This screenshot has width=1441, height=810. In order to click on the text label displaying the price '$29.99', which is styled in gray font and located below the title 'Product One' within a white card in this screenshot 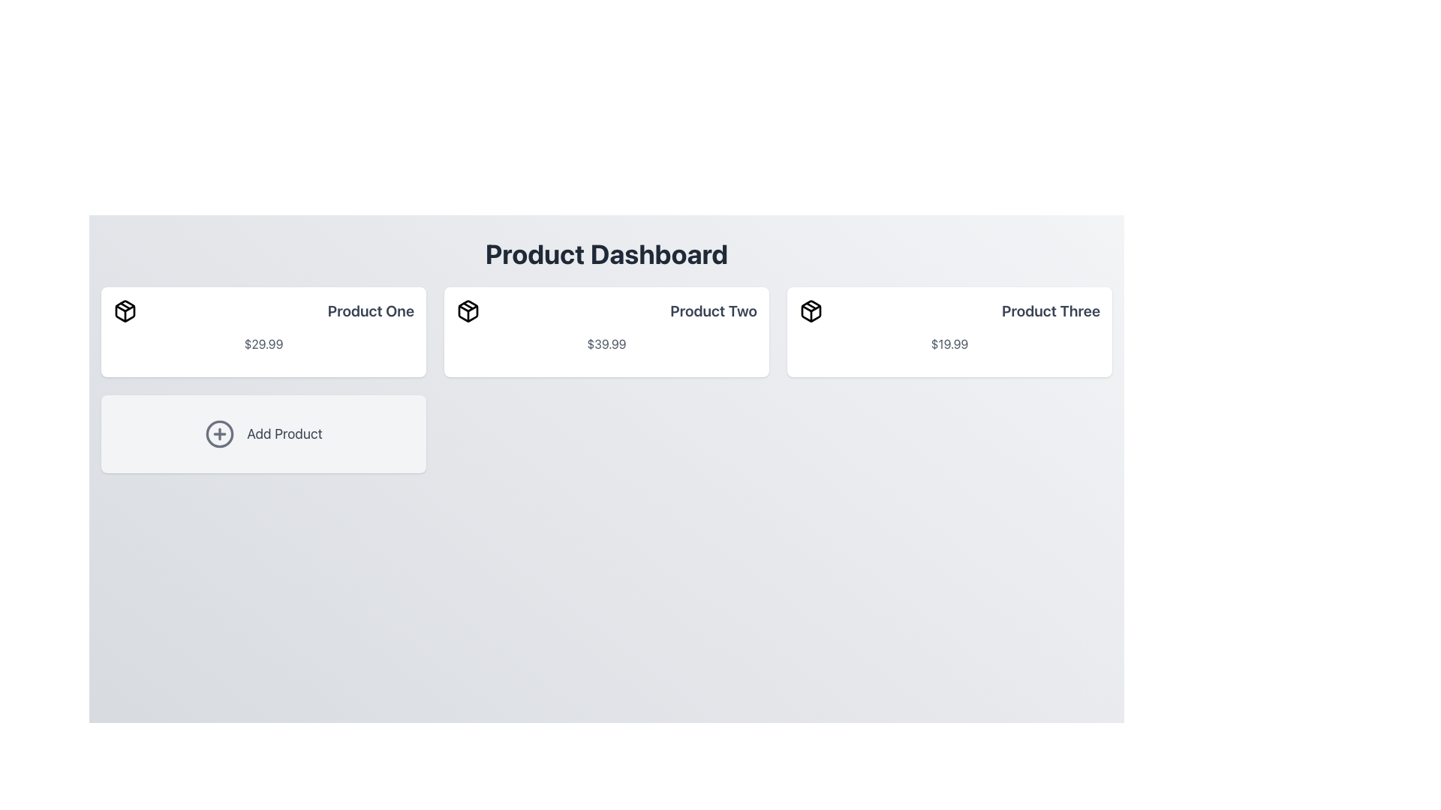, I will do `click(263, 344)`.